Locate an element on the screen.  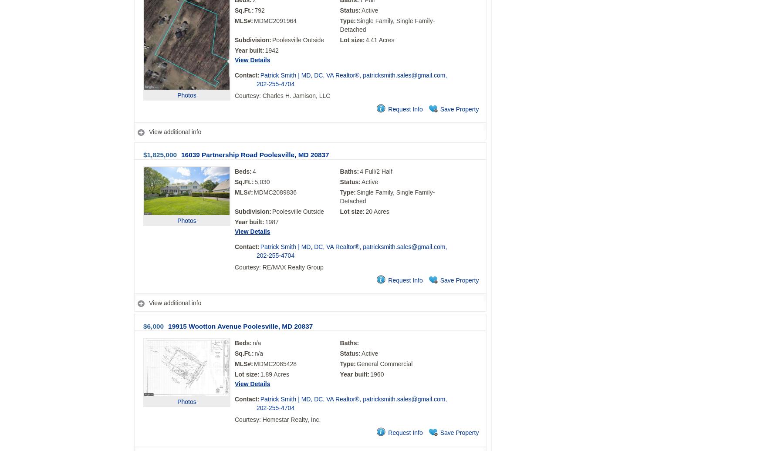
'MDMC2091964' is located at coordinates (275, 20).